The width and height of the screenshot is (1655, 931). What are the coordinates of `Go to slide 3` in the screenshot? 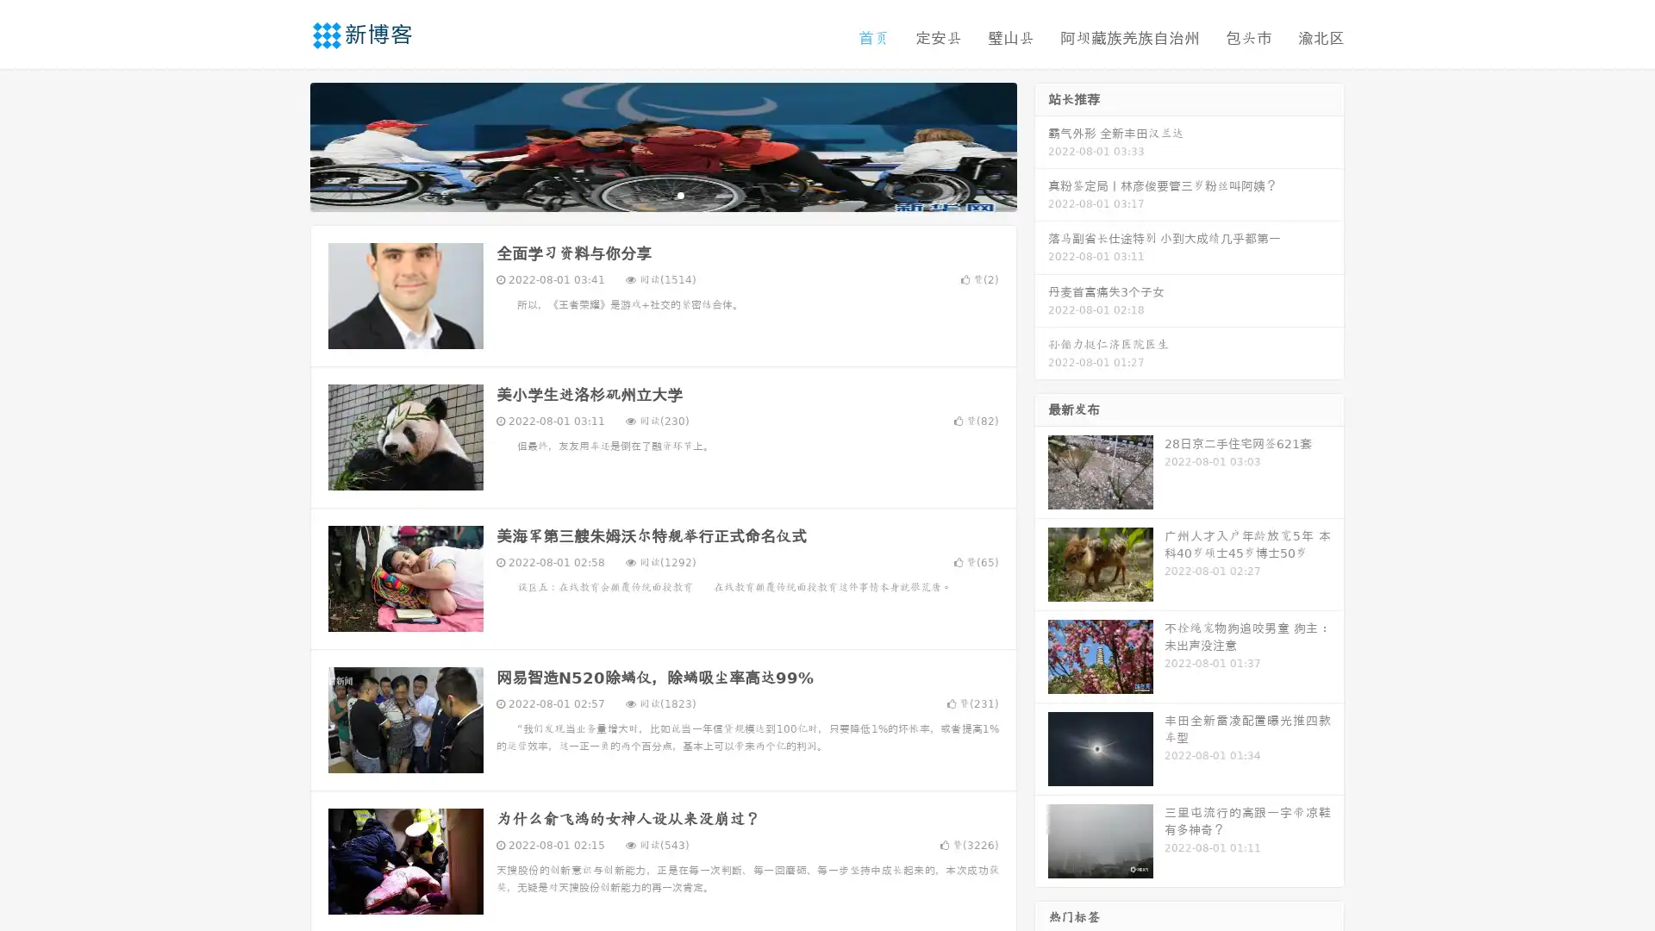 It's located at (680, 194).